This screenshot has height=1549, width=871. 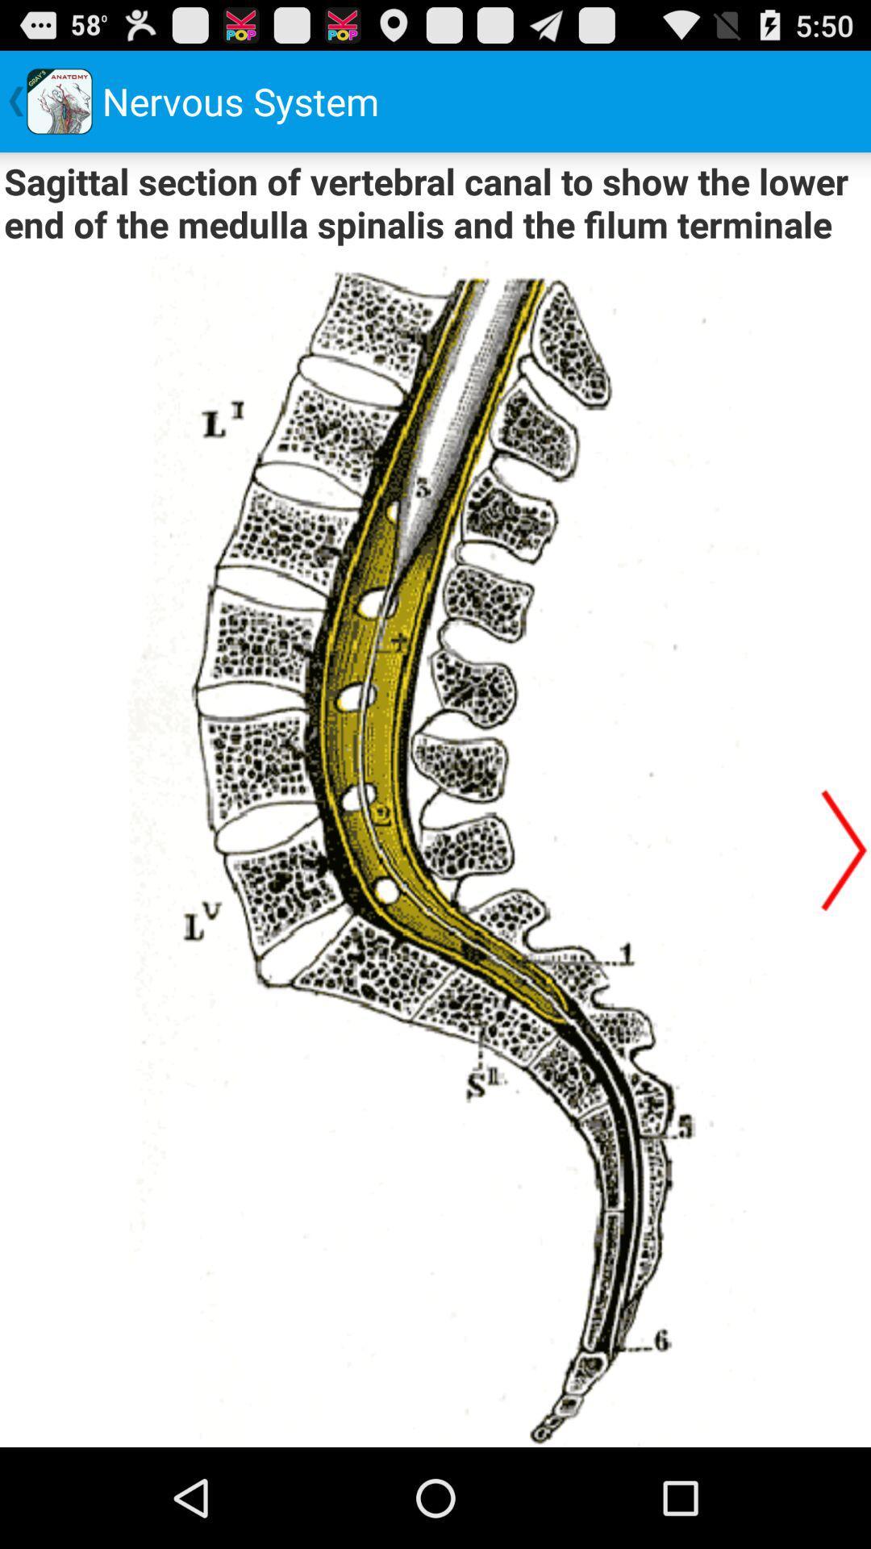 I want to click on next item, so click(x=843, y=849).